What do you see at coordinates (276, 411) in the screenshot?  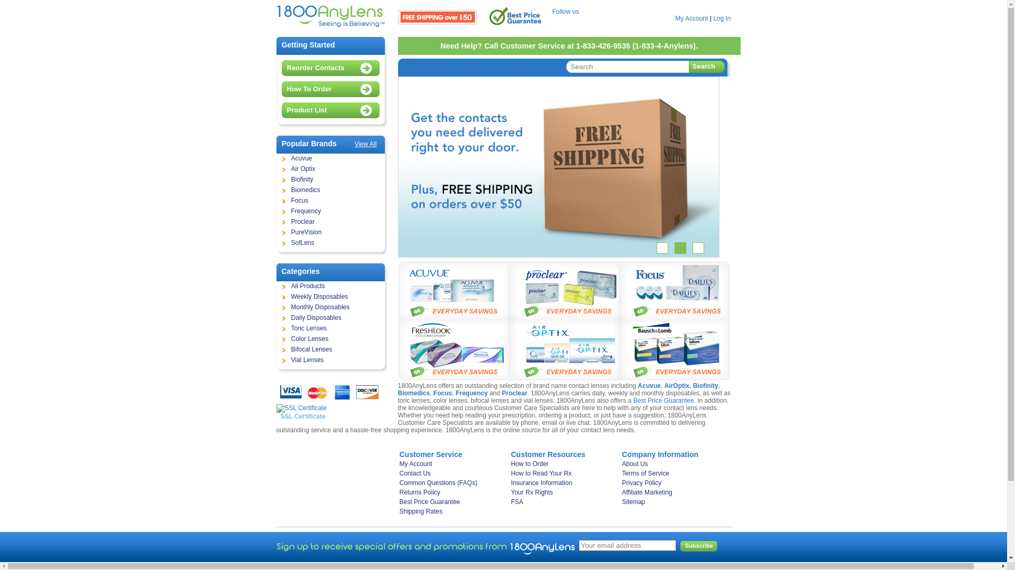 I see `'SSL Certificate'` at bounding box center [276, 411].